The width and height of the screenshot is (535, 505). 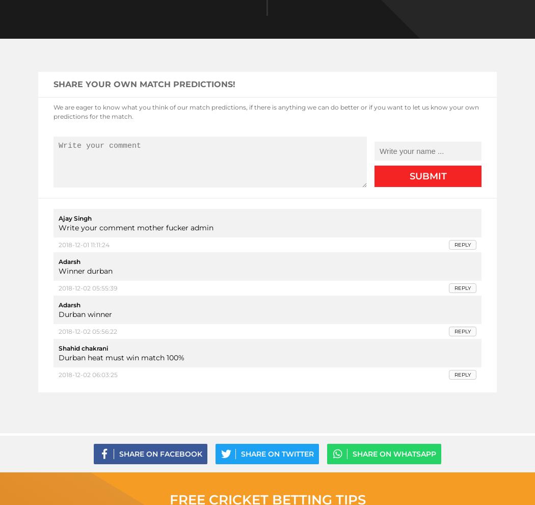 I want to click on 'Share on Facebook', so click(x=119, y=454).